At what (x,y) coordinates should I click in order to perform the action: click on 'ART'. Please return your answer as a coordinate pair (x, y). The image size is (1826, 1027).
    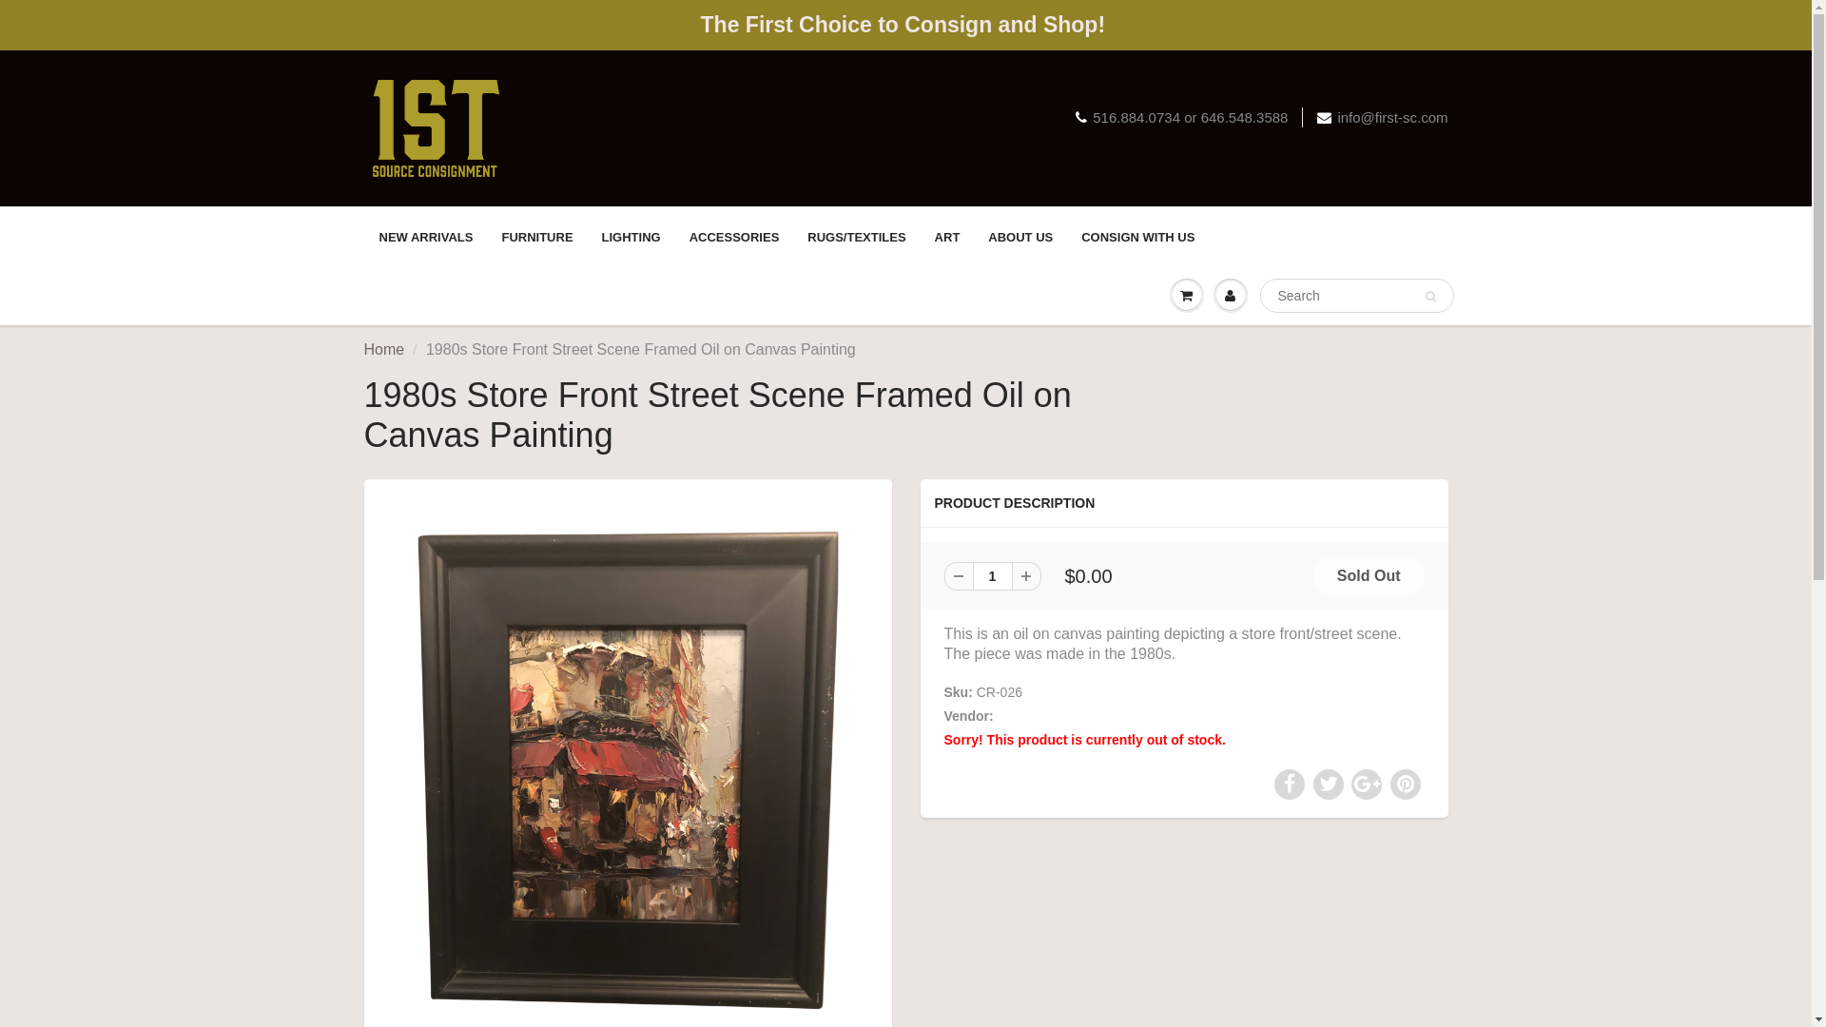
    Looking at the image, I should click on (947, 237).